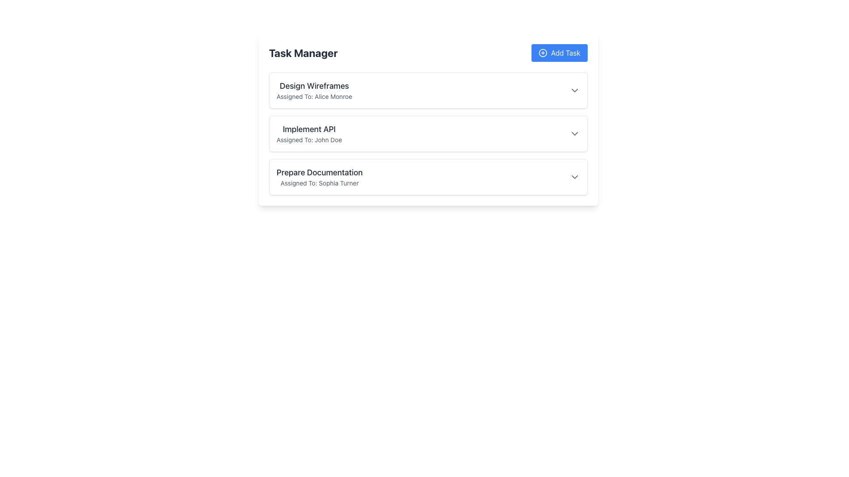  Describe the element at coordinates (319, 172) in the screenshot. I see `the Text Label displaying 'Prepare Documentation', which is styled with a larger font size and bold weight, located in the third task item of the task manager panel` at that location.